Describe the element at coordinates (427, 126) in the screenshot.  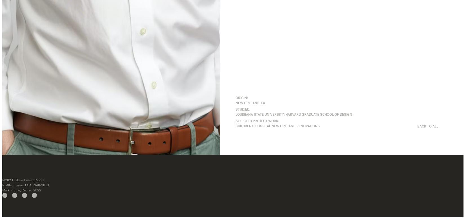
I see `'Back to All'` at that location.